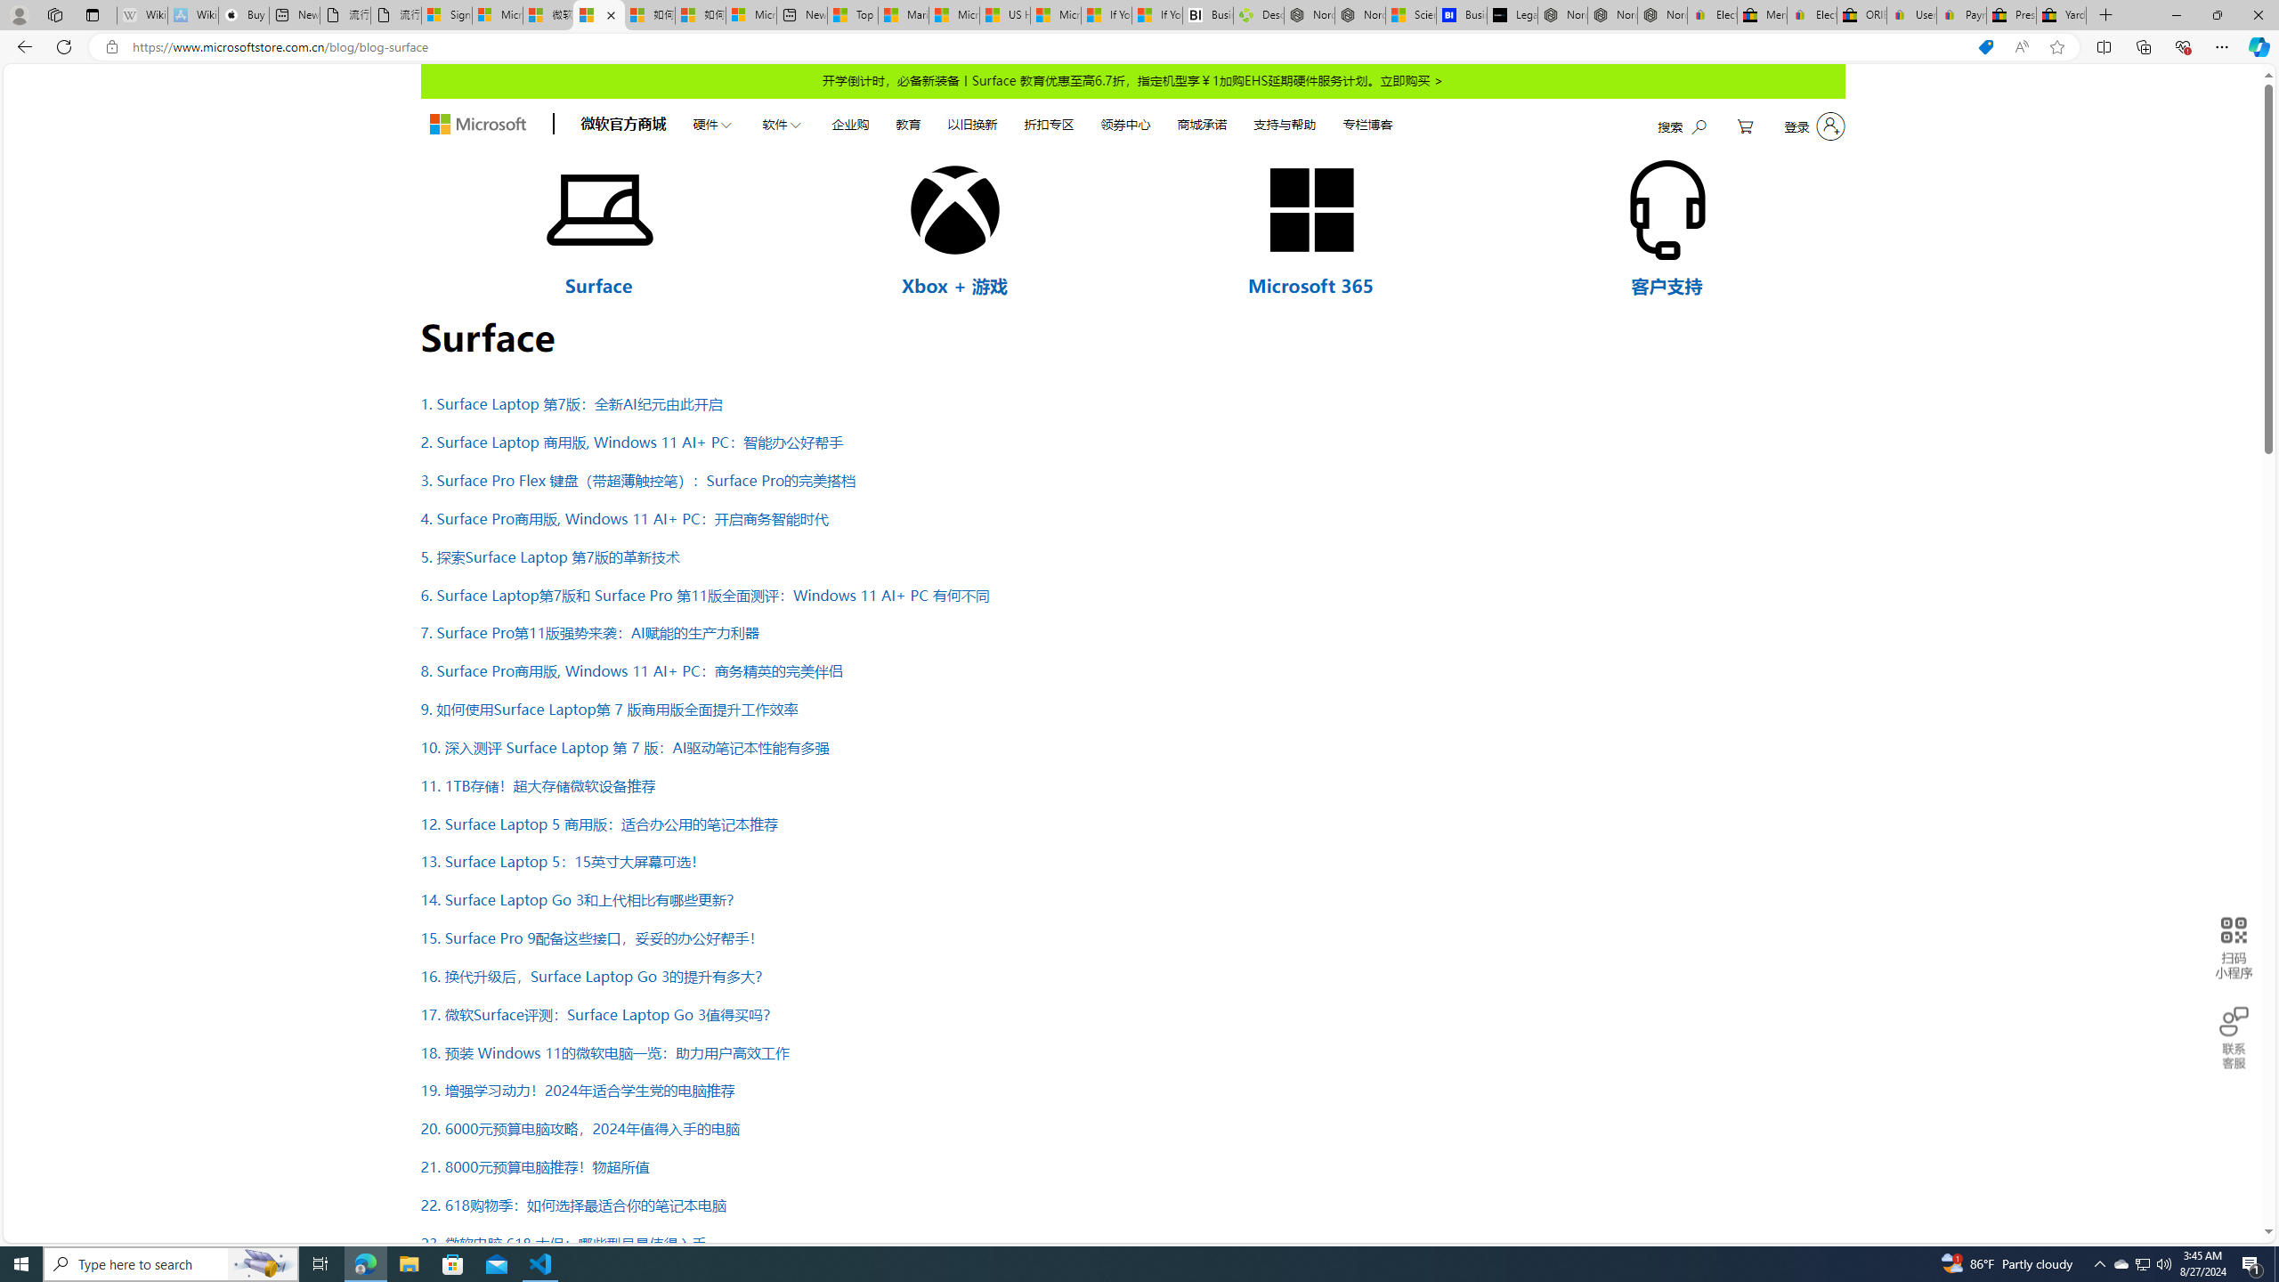 The image size is (2279, 1282). Describe the element at coordinates (1745, 126) in the screenshot. I see `'My Cart'` at that location.